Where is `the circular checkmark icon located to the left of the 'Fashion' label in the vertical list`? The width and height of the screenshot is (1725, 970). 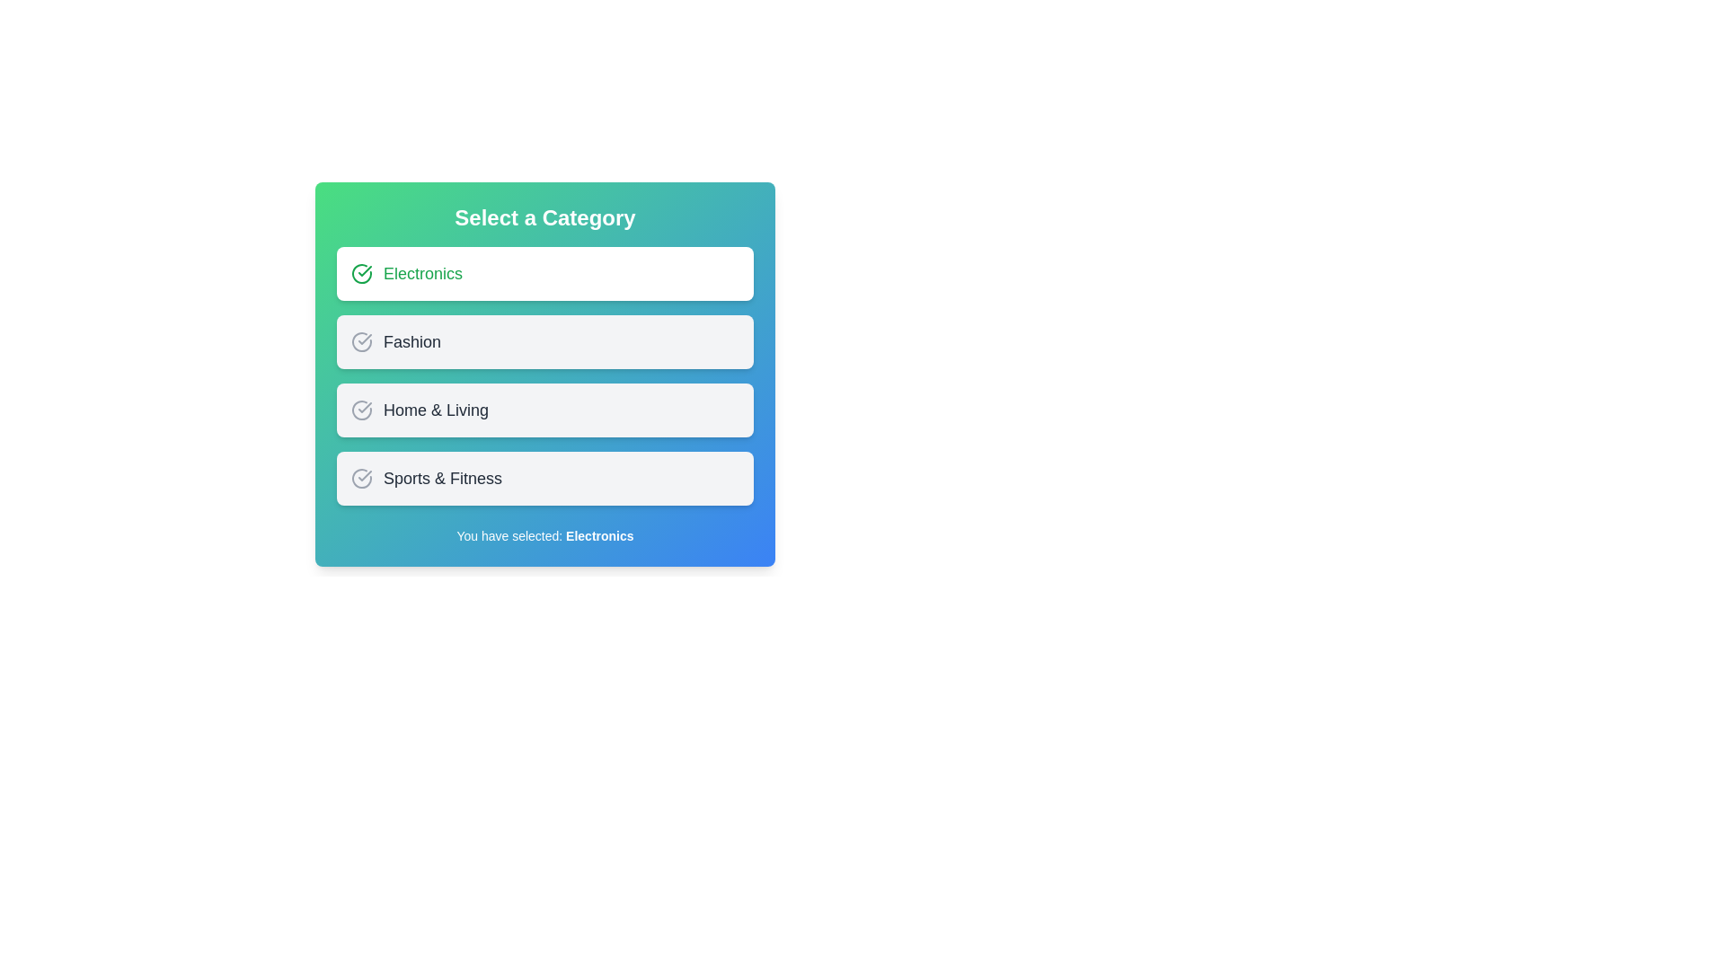 the circular checkmark icon located to the left of the 'Fashion' label in the vertical list is located at coordinates (361, 342).